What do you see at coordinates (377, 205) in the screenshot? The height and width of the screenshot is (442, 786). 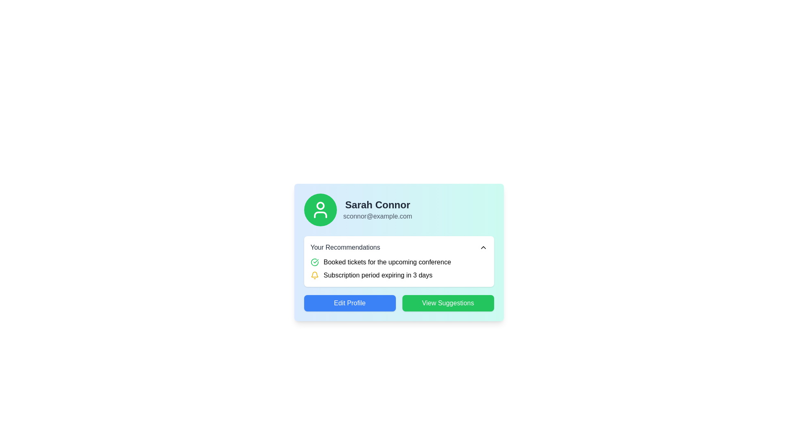 I see `text label displaying the user's name located at the top of the profile card interface, just below the profile picture icon` at bounding box center [377, 205].